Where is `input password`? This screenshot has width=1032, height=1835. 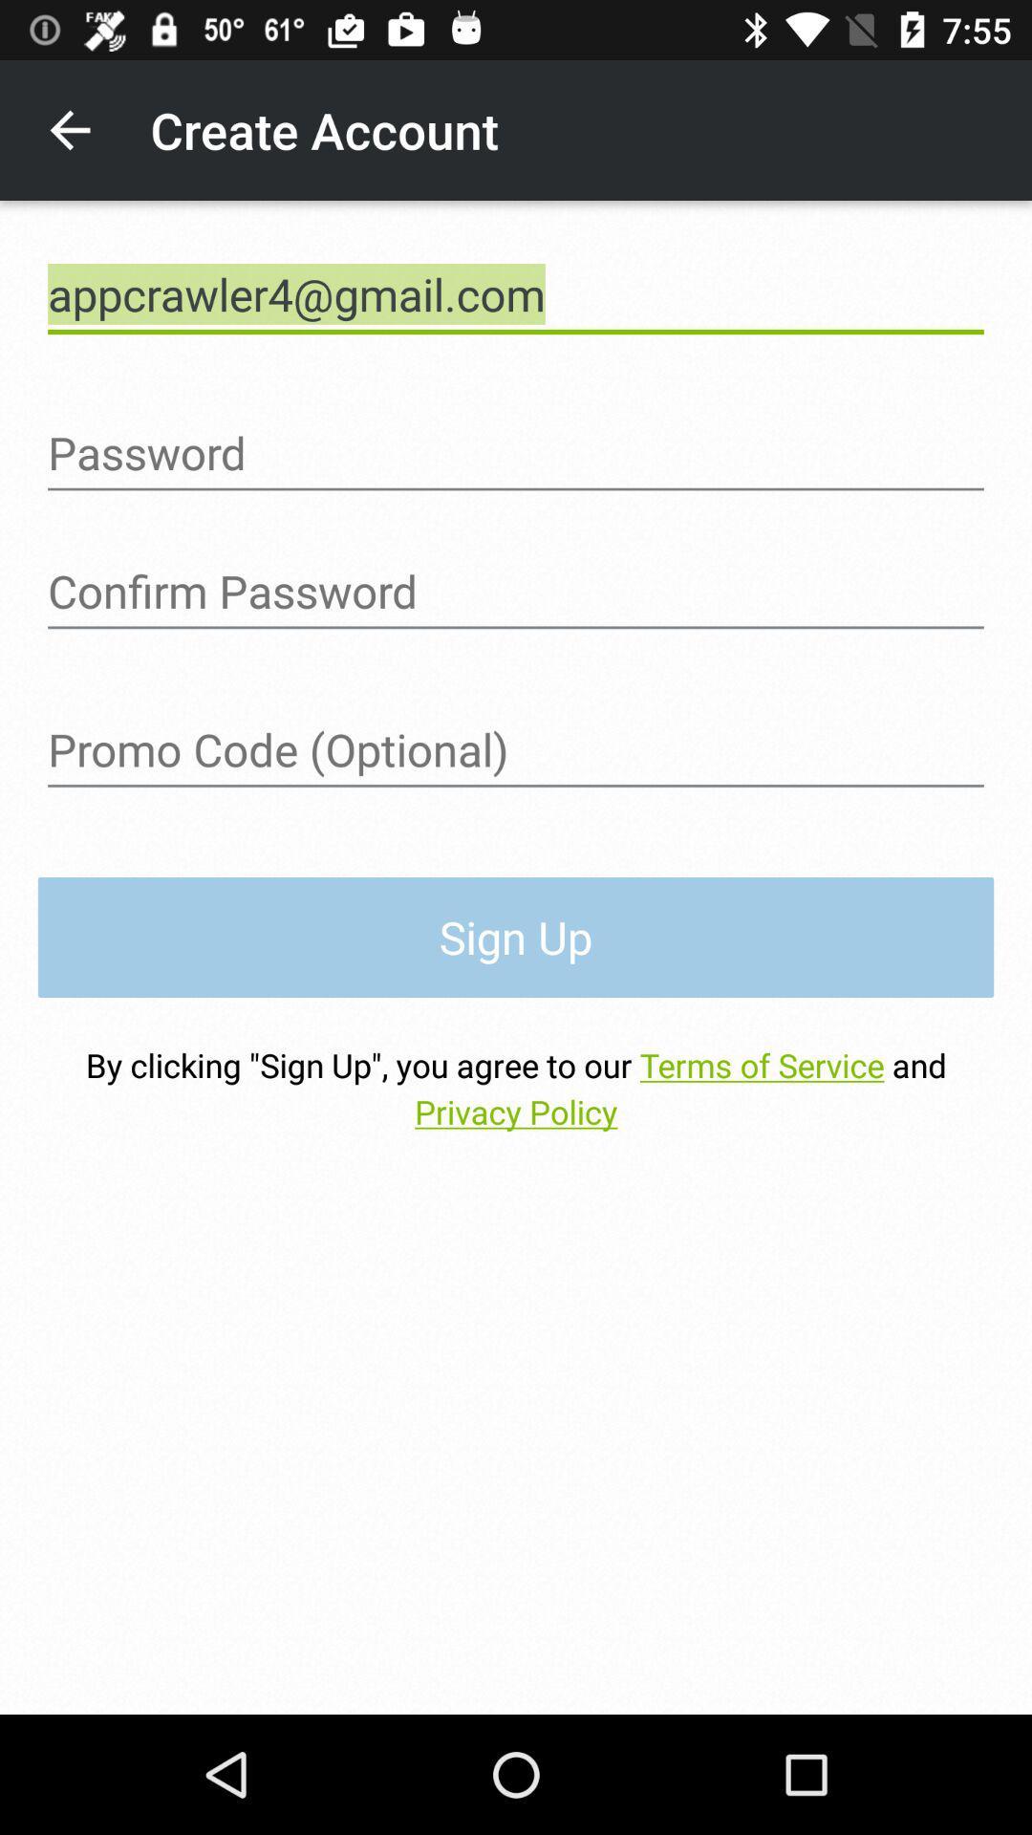 input password is located at coordinates (516, 452).